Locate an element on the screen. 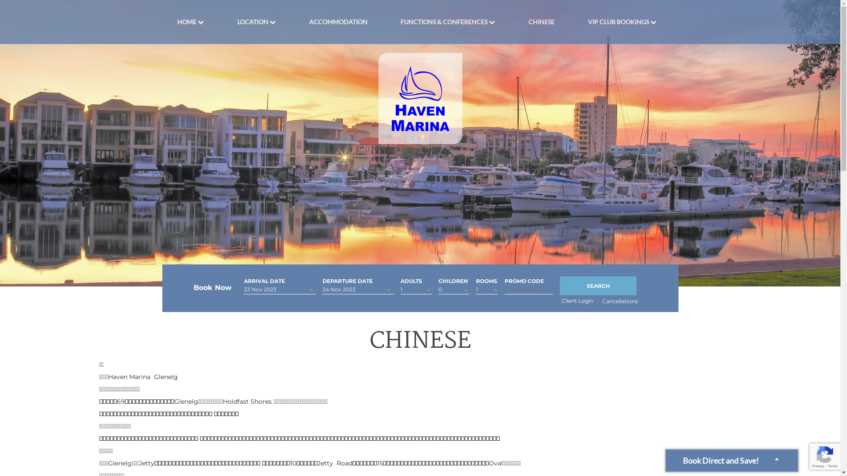 Image resolution: width=847 pixels, height=476 pixels. 'CHINESE' is located at coordinates (541, 22).